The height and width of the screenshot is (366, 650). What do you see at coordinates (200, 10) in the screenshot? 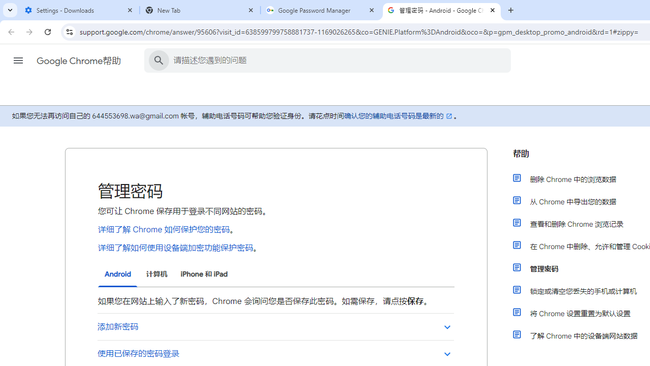
I see `'New Tab'` at bounding box center [200, 10].